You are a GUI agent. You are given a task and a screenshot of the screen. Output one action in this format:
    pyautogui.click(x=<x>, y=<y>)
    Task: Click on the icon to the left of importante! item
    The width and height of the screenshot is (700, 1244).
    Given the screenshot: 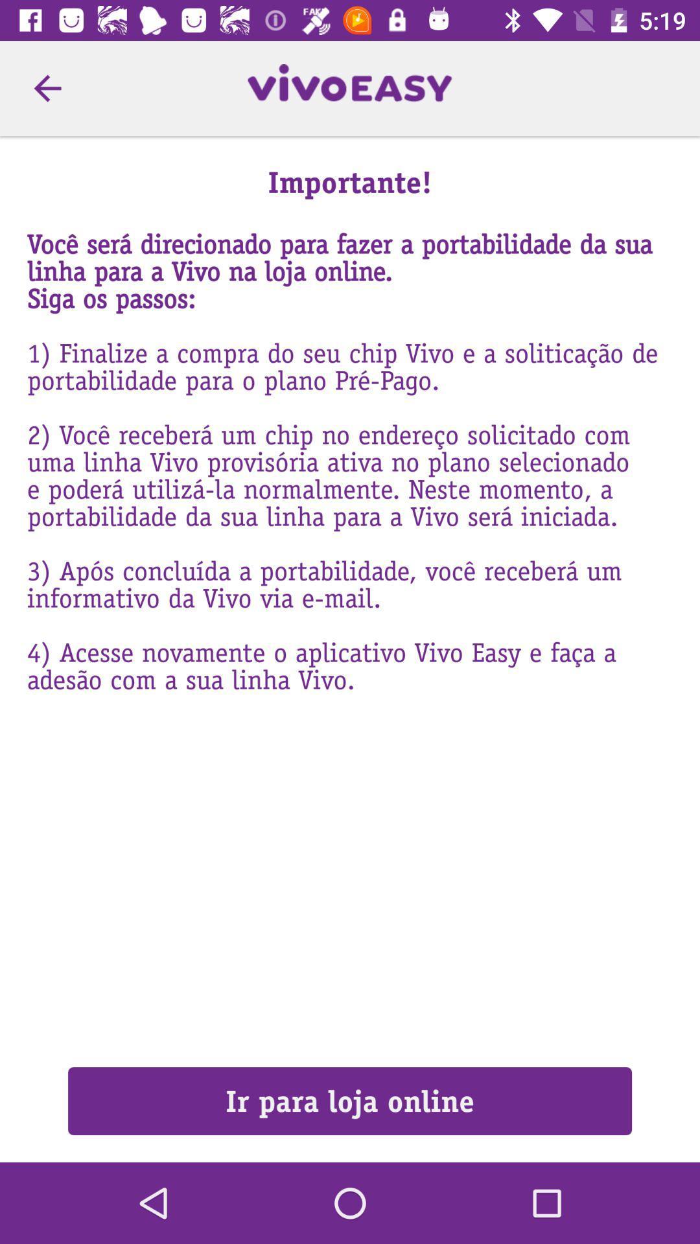 What is the action you would take?
    pyautogui.click(x=47, y=87)
    